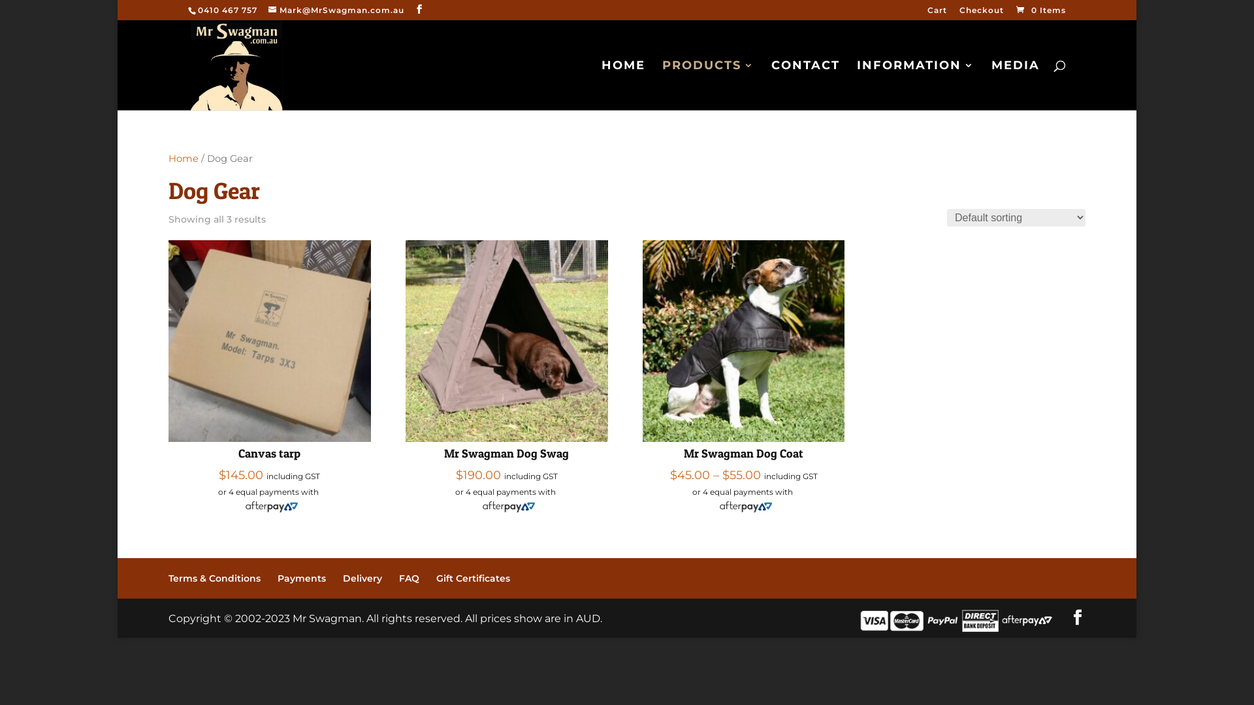 This screenshot has height=705, width=1254. I want to click on 'Terms & Conditions', so click(168, 578).